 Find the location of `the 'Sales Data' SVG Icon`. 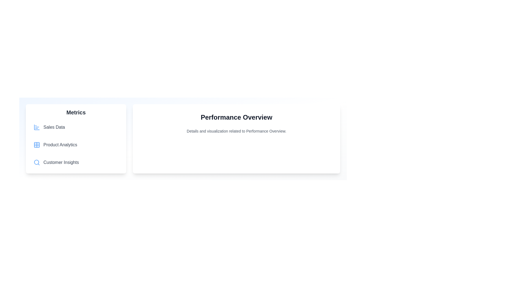

the 'Sales Data' SVG Icon is located at coordinates (37, 127).